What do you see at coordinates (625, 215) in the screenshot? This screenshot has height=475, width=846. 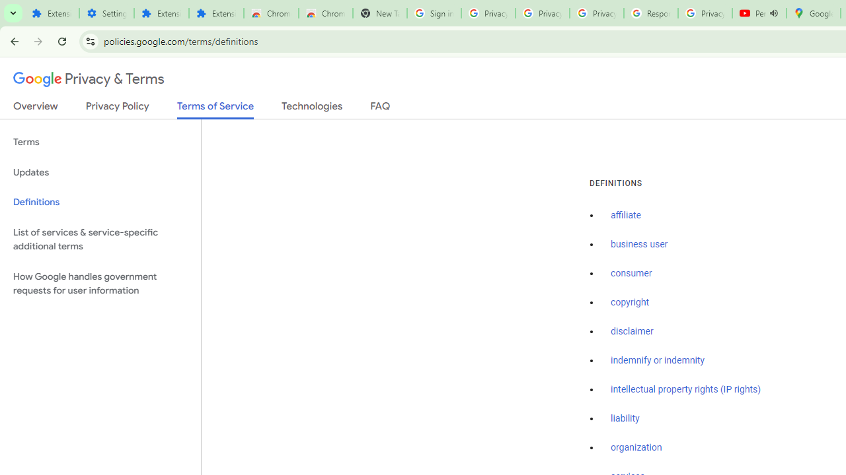 I see `'affiliate'` at bounding box center [625, 215].